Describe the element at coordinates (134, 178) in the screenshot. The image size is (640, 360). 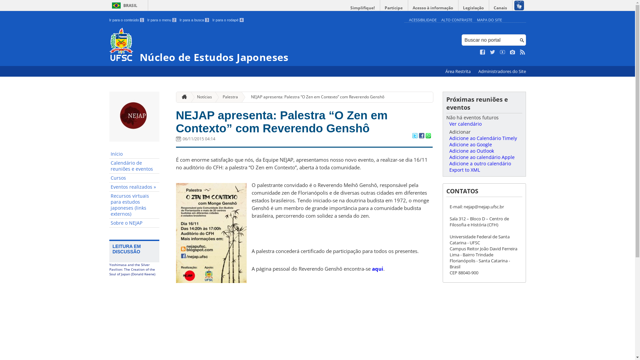
I see `'Cursos'` at that location.